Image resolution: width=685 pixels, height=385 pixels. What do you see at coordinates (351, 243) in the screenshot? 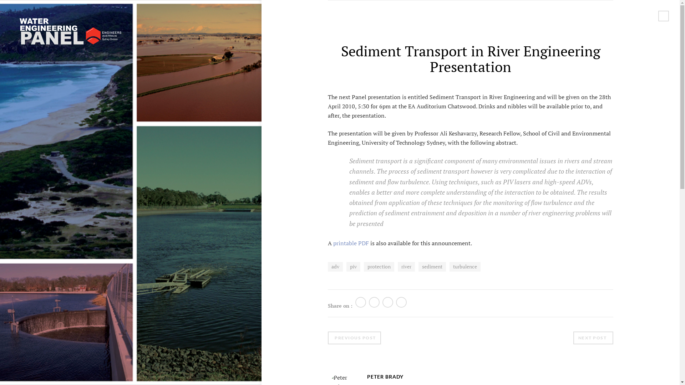
I see `'printable PDF'` at bounding box center [351, 243].